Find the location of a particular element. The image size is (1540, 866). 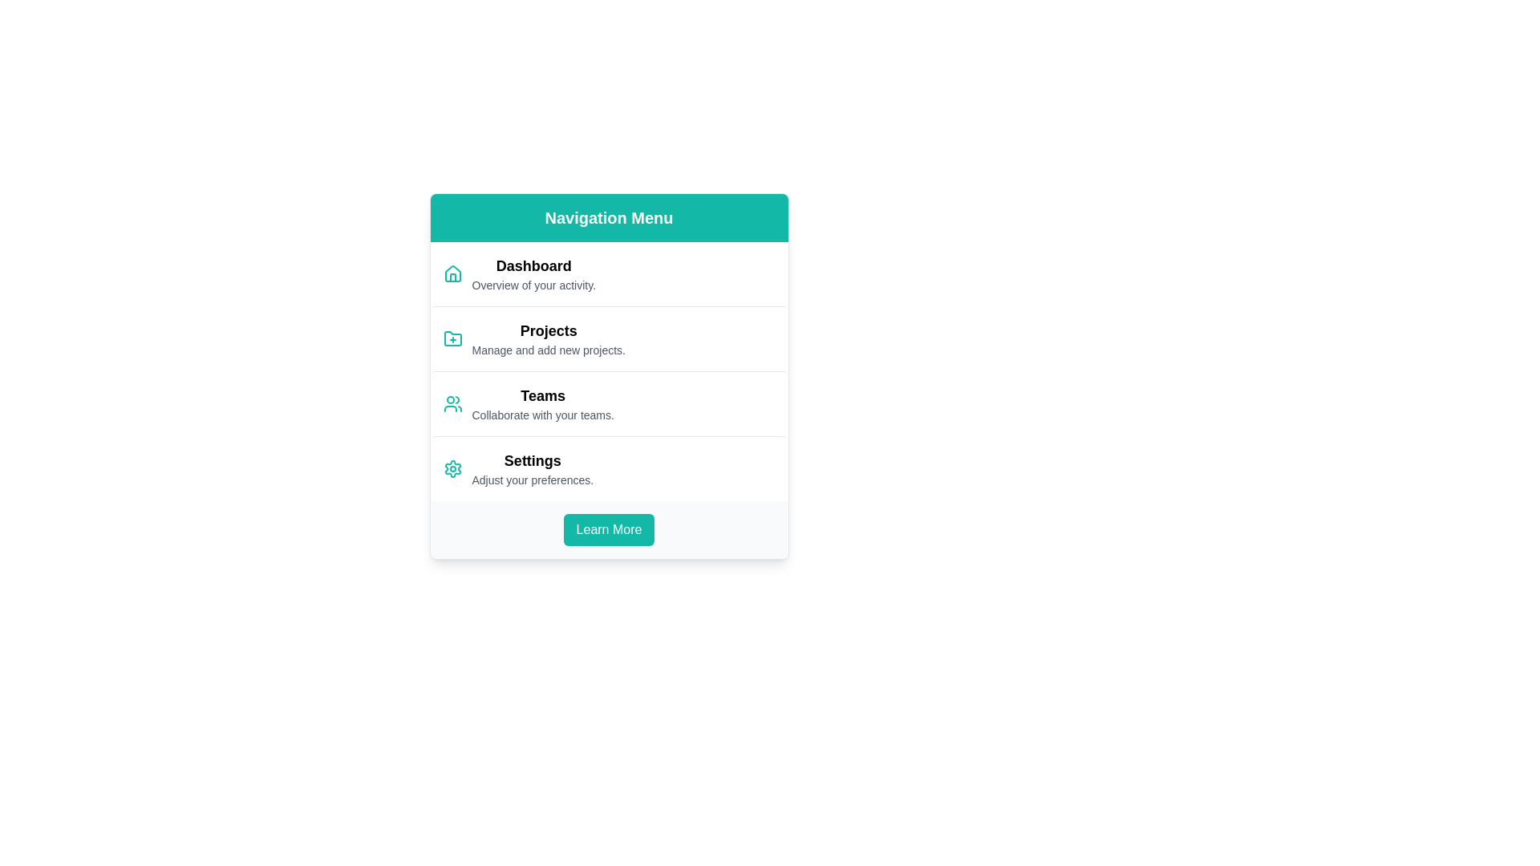

the text element displaying 'Manage and add new projects.' which is located directly underneath the 'Projects' title in the navigation menu is located at coordinates (549, 349).